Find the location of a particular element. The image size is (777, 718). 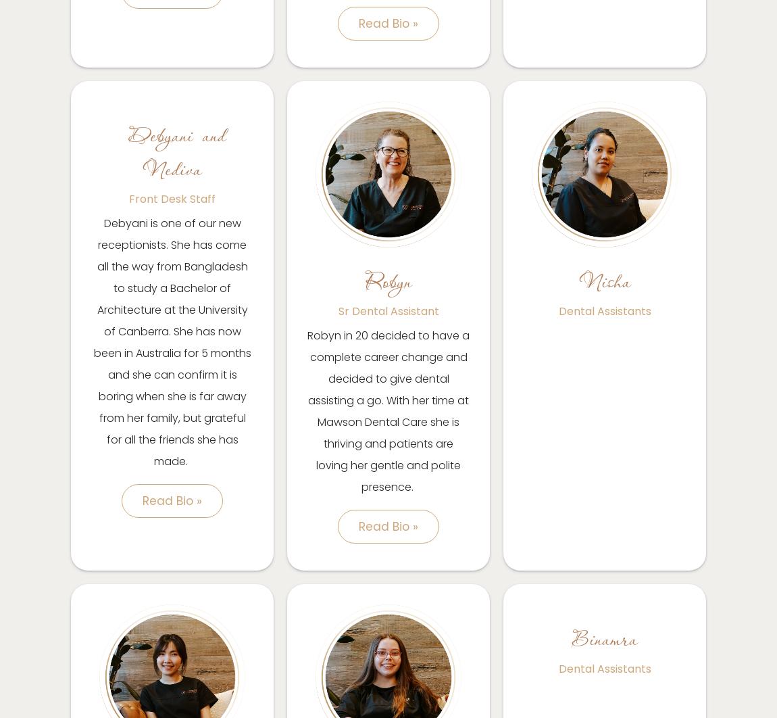

'Front Desk Staff' is located at coordinates (171, 198).